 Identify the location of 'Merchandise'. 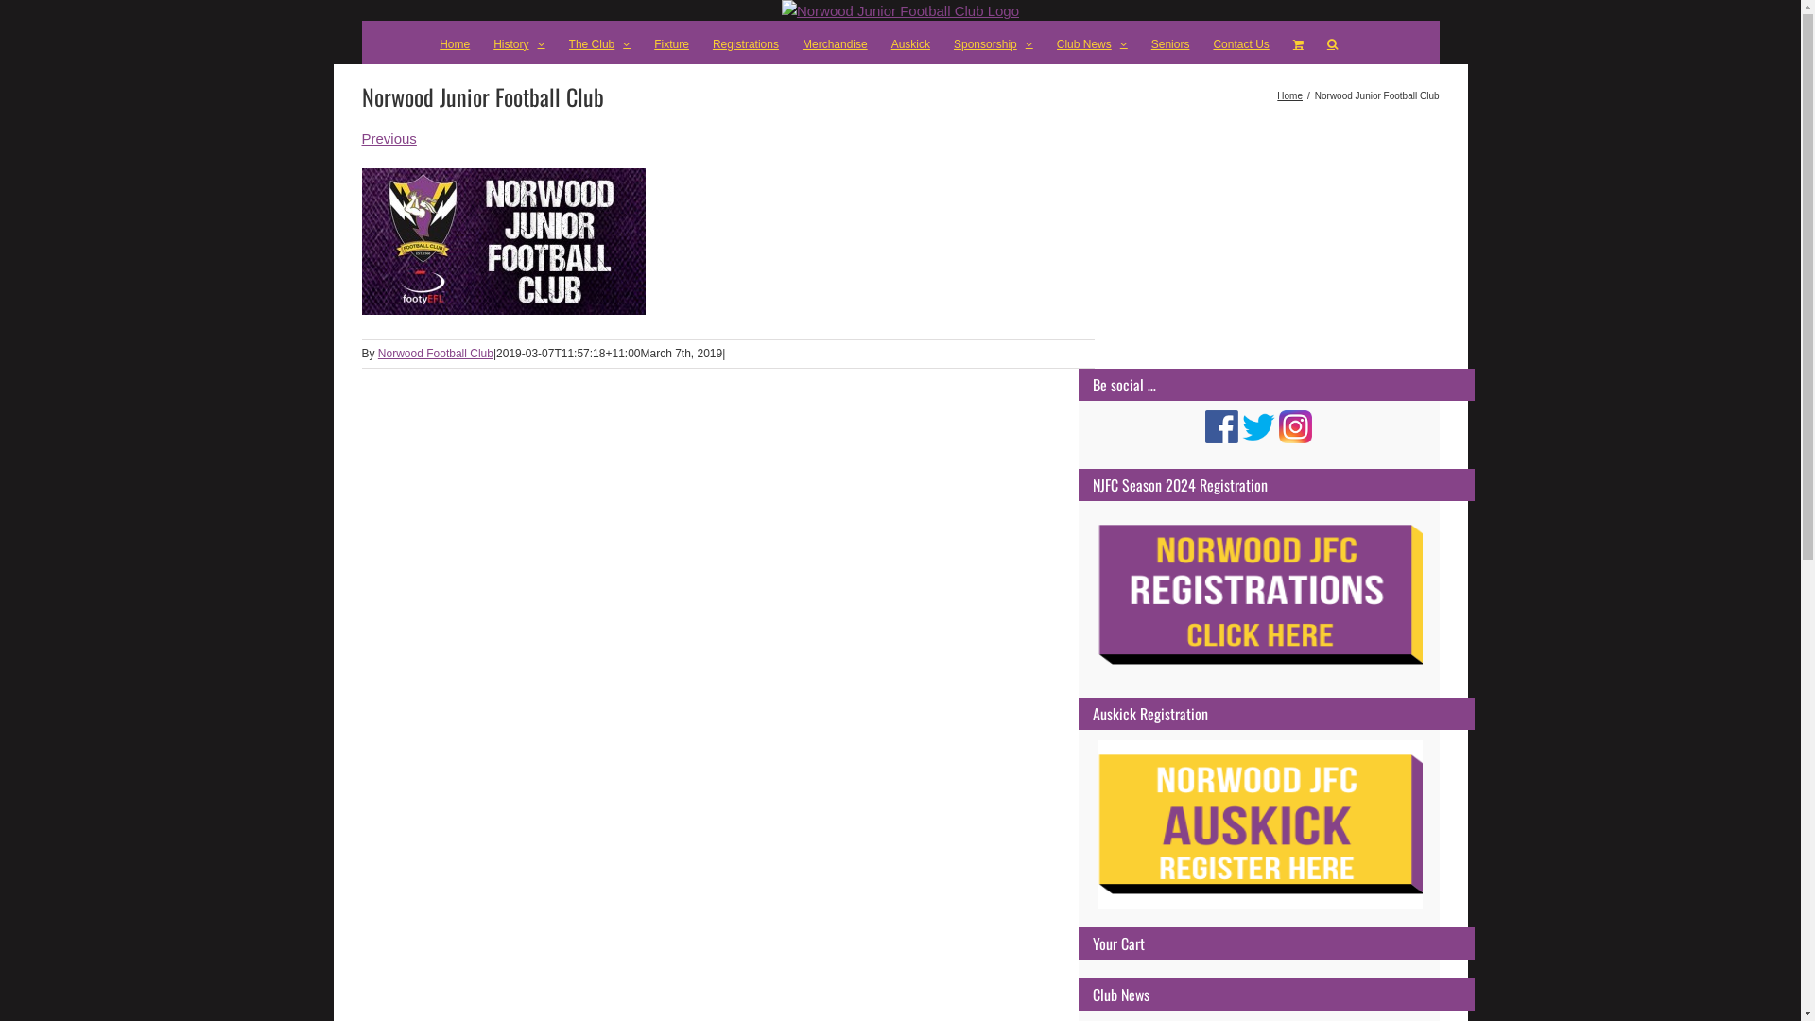
(834, 43).